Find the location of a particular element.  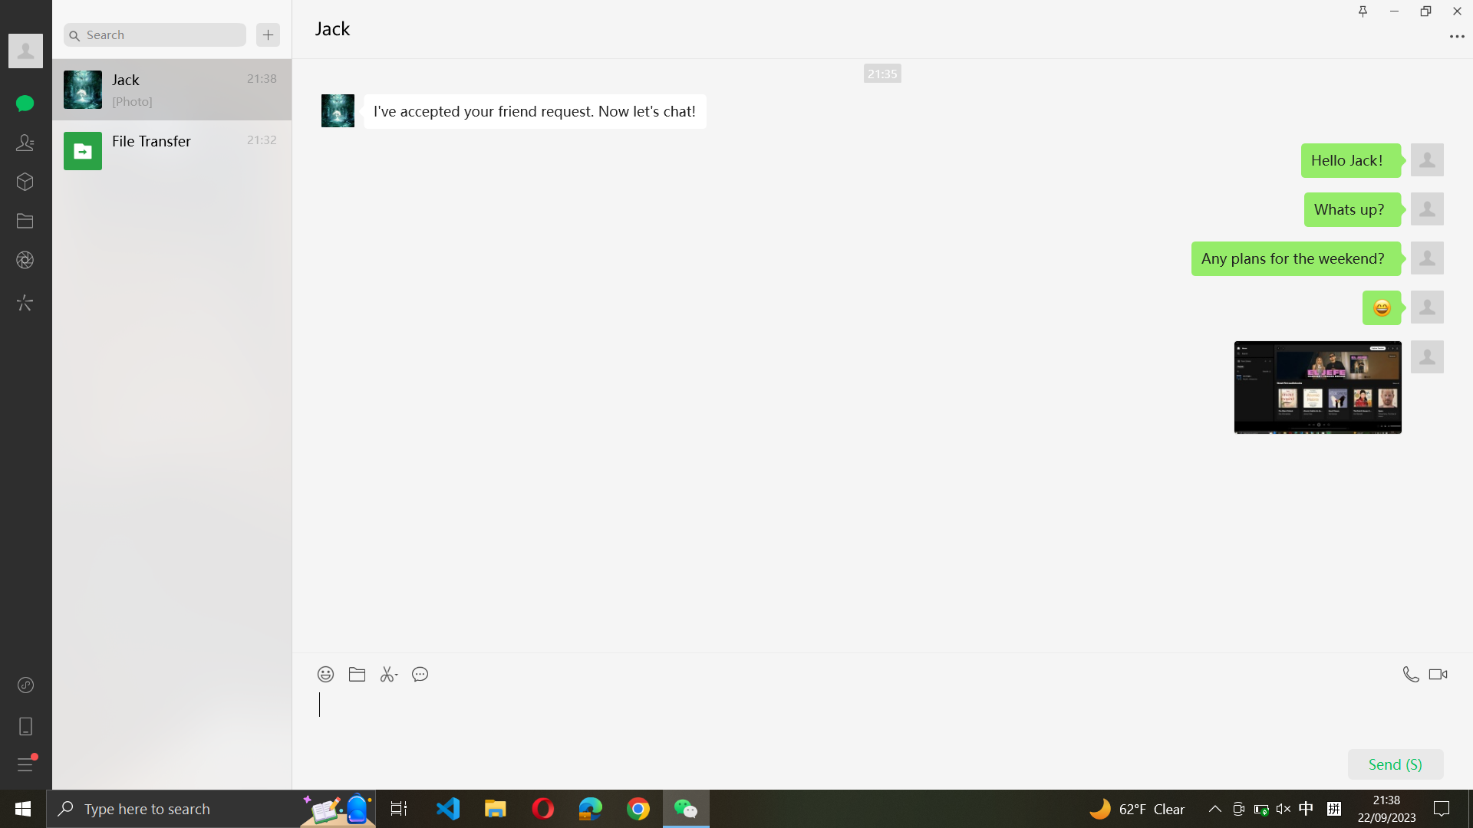

Replicate a text message sent by Jack is located at coordinates (534, 111).